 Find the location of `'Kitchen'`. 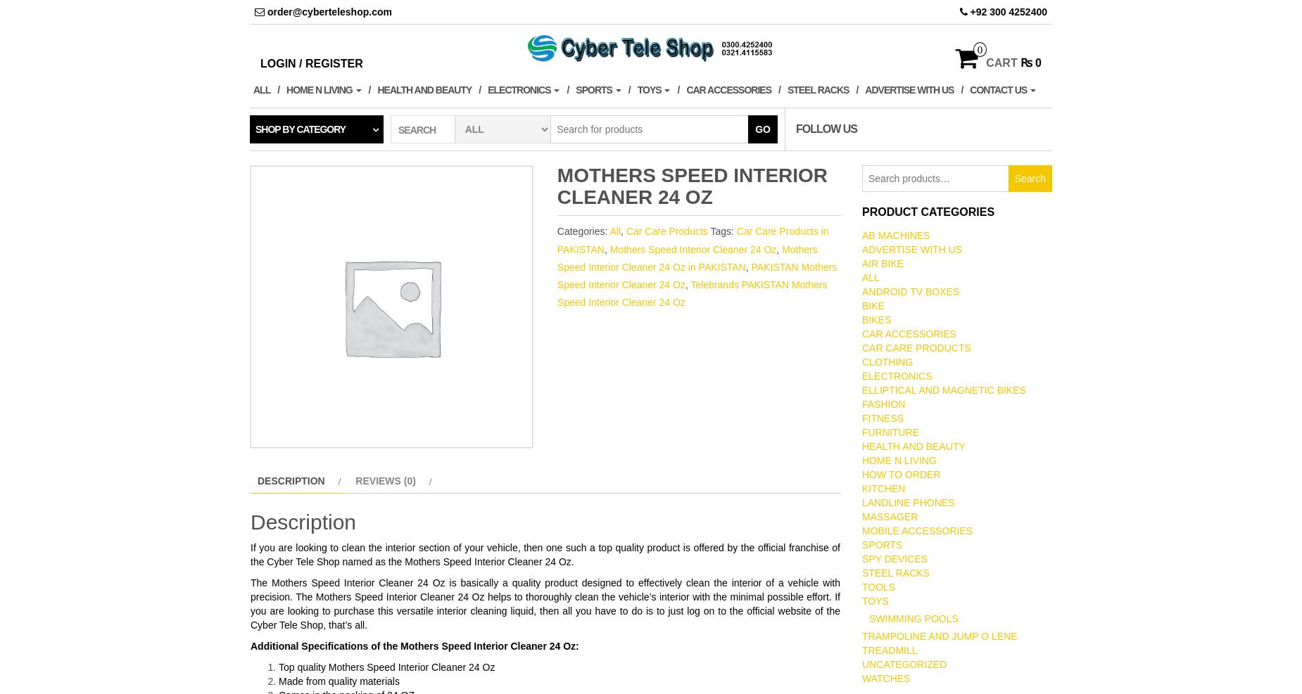

'Kitchen' is located at coordinates (883, 489).